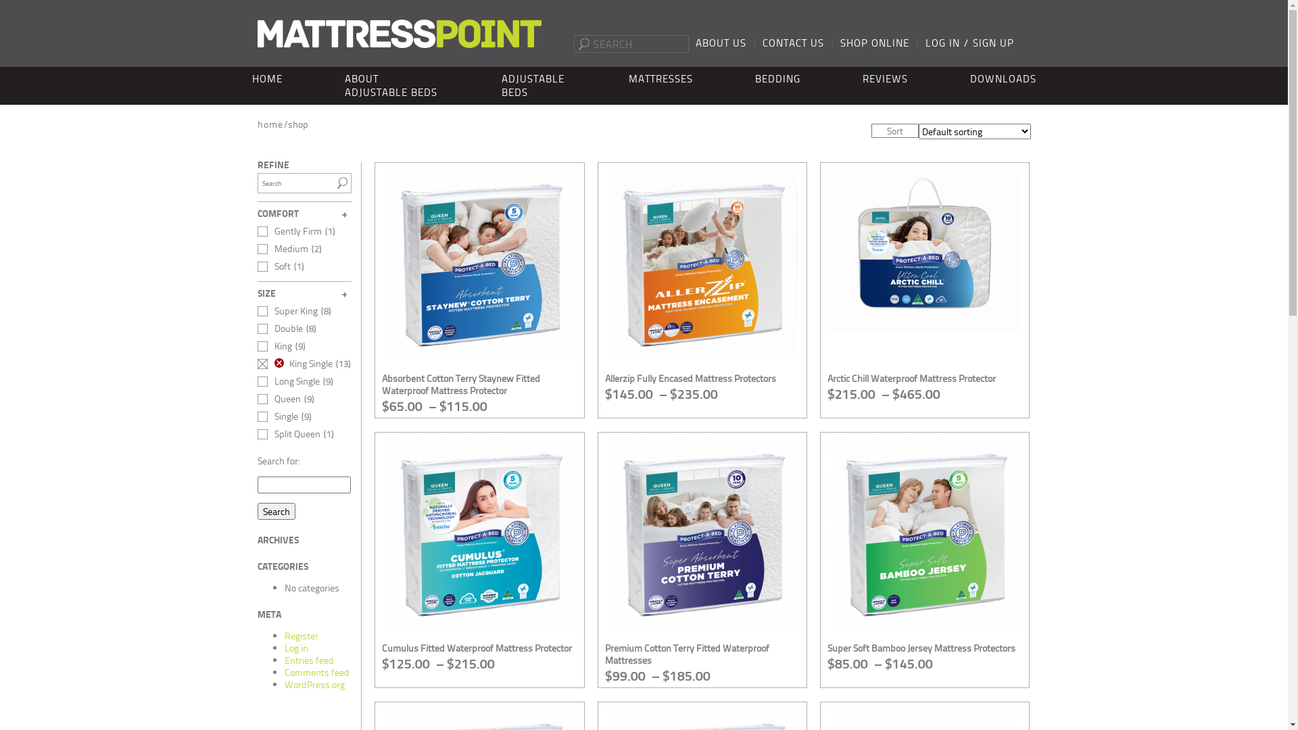  I want to click on 'Mattress Point', so click(398, 33).